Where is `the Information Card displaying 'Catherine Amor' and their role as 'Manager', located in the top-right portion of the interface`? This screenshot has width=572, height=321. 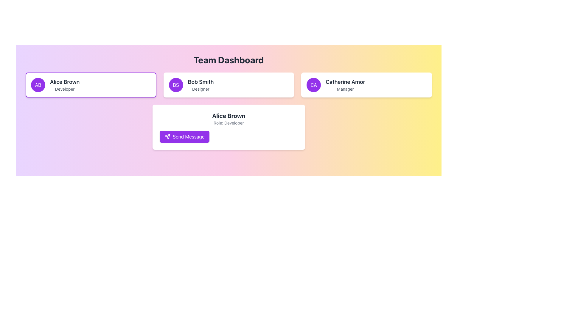 the Information Card displaying 'Catherine Amor' and their role as 'Manager', located in the top-right portion of the interface is located at coordinates (366, 85).